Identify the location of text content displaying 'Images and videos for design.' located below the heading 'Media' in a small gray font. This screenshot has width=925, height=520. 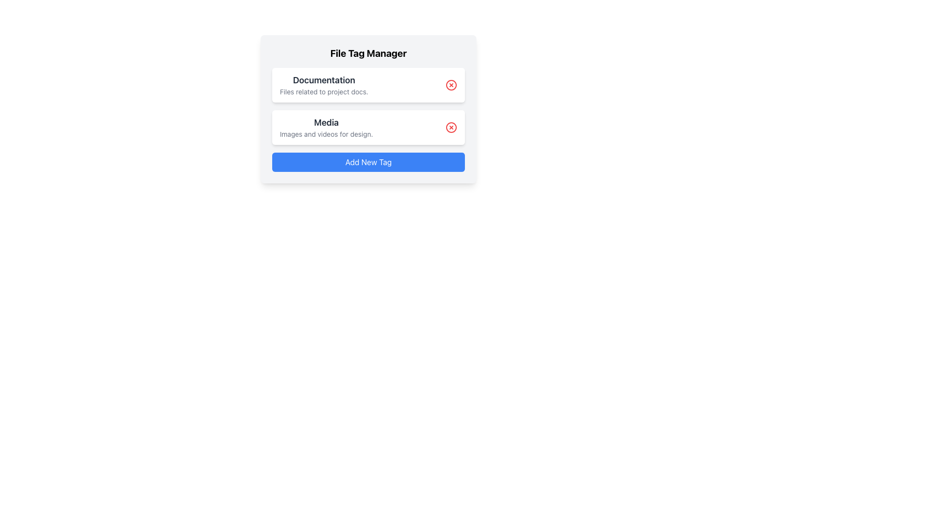
(326, 134).